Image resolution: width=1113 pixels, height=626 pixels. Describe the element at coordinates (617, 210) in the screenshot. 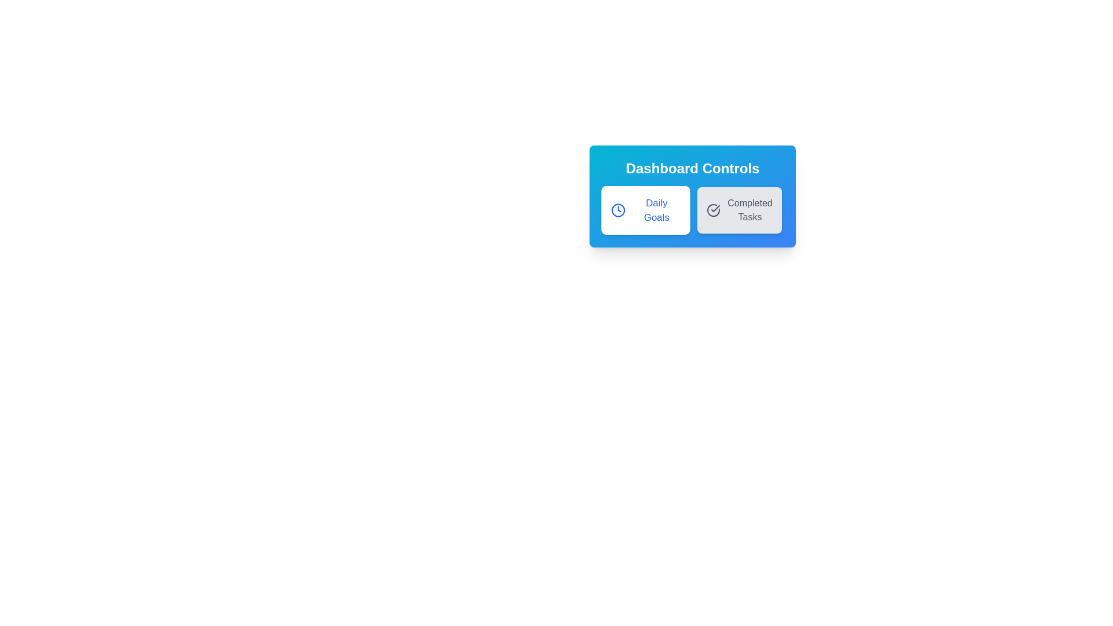

I see `the circular clock icon with blue lines and a white background, located to the left of the 'Daily Goals' text` at that location.